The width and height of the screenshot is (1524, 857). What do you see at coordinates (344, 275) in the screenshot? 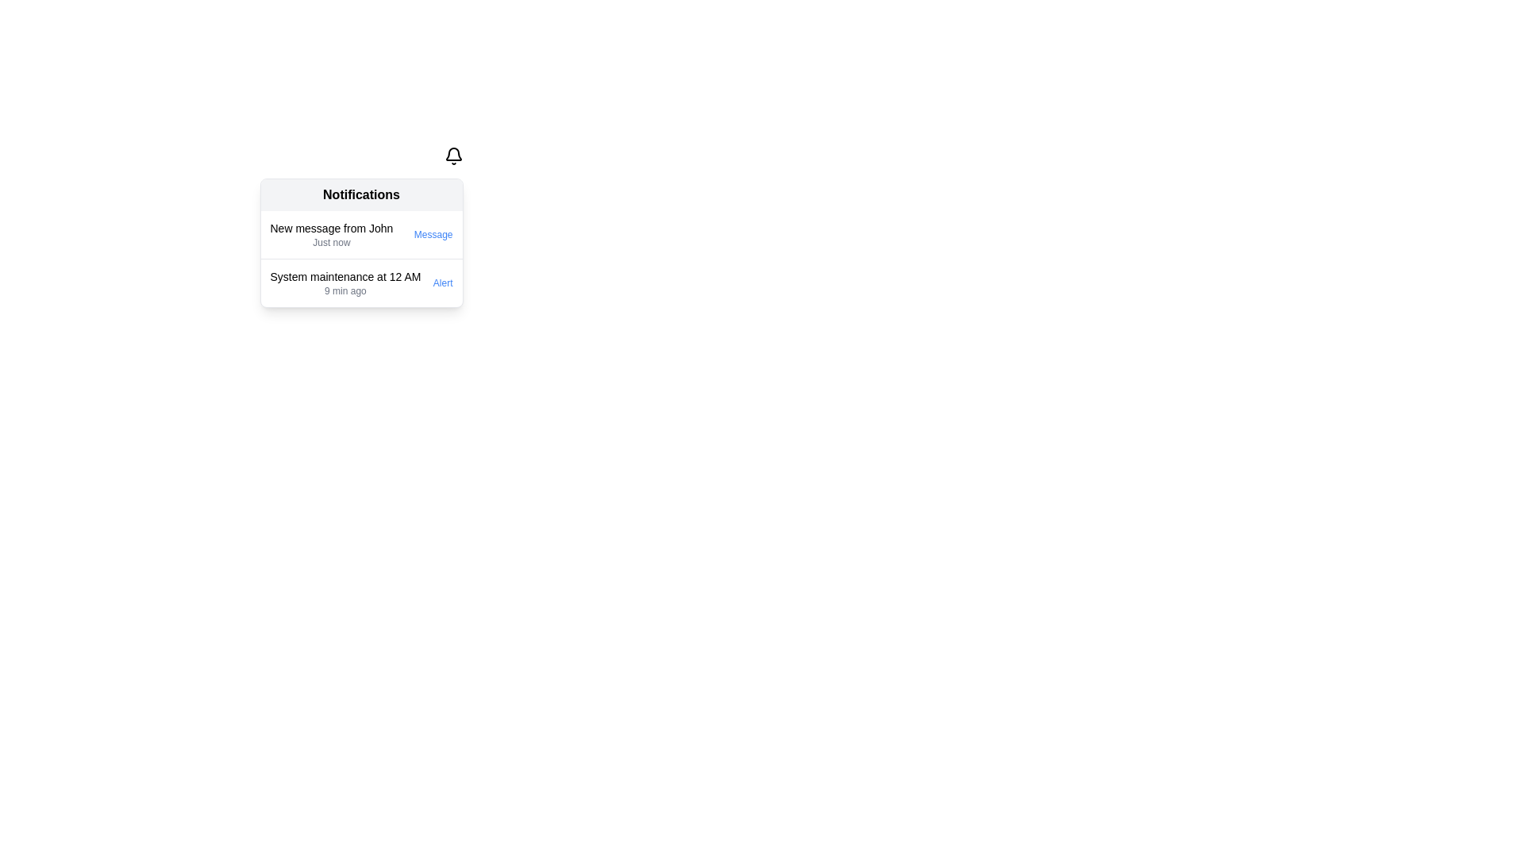
I see `static text element that displays 'System maintenance at 12 AM', which is styled with a small-sized, bold font and located within the notification panel under the title 'Notifications'` at bounding box center [344, 275].